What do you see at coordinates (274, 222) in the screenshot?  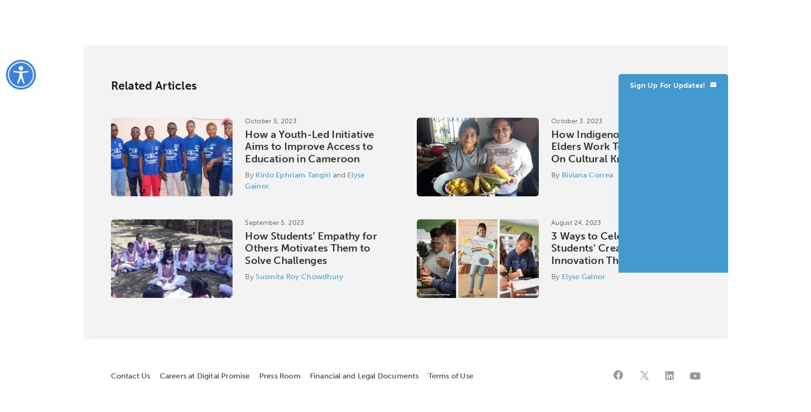 I see `'September 5, 2023'` at bounding box center [274, 222].